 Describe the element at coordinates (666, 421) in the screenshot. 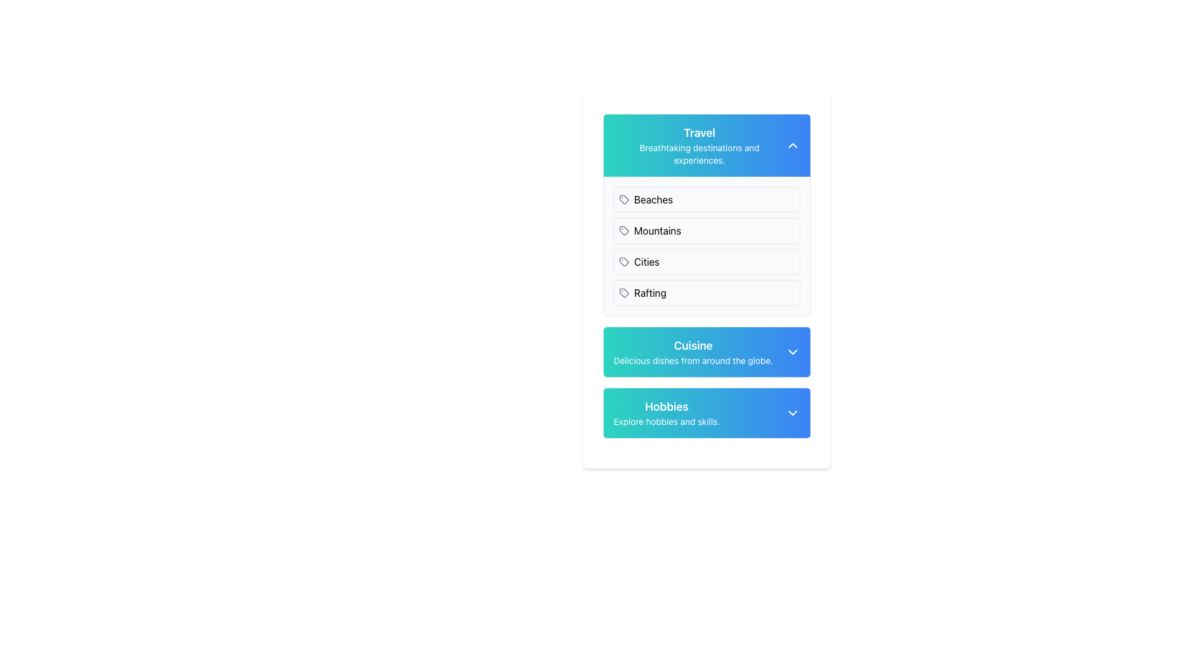

I see `text segment that displays 'Explore hobbies and skills.' located under the 'Hobbies' section in a blue-green gradient box` at that location.